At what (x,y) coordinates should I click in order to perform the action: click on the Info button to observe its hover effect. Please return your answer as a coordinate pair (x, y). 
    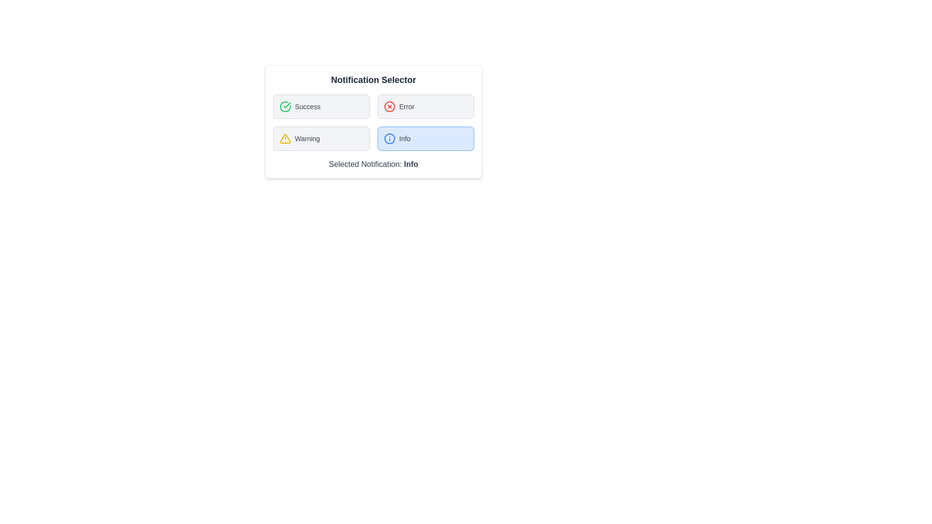
    Looking at the image, I should click on (426, 138).